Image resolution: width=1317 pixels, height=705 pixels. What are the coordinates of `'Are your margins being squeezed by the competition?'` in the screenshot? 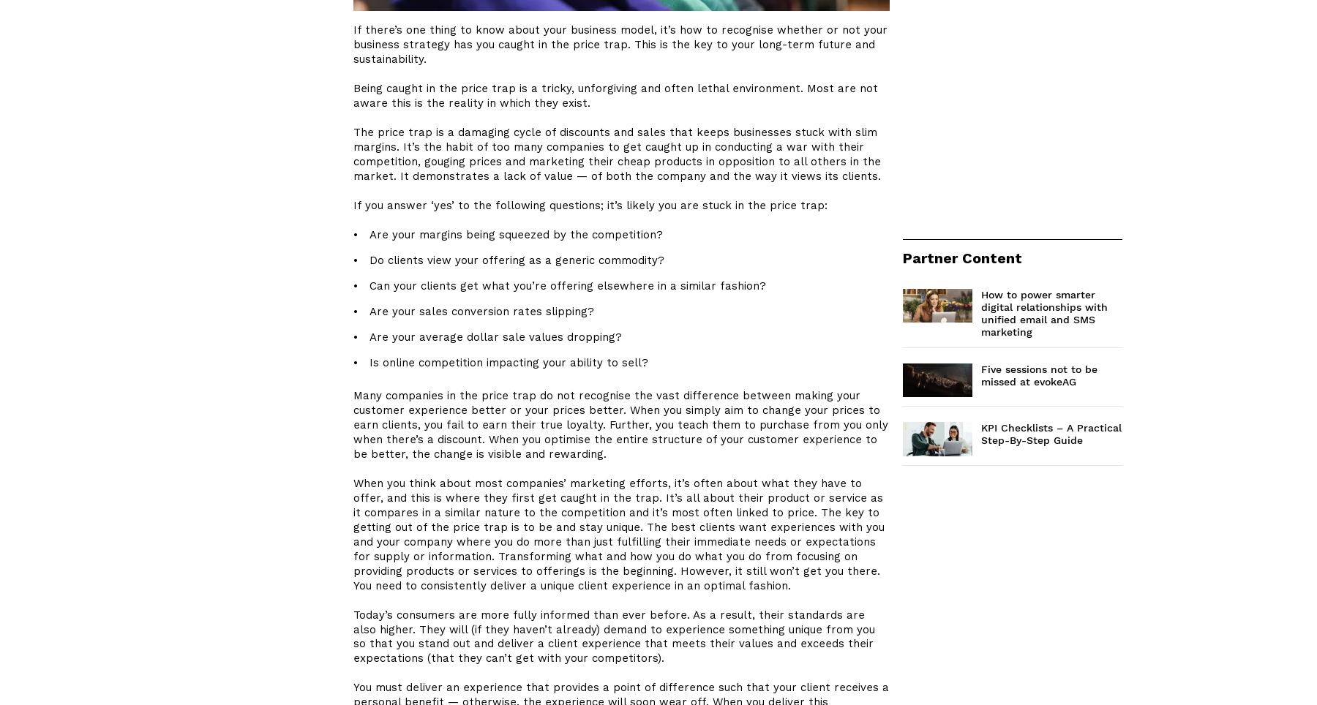 It's located at (515, 235).